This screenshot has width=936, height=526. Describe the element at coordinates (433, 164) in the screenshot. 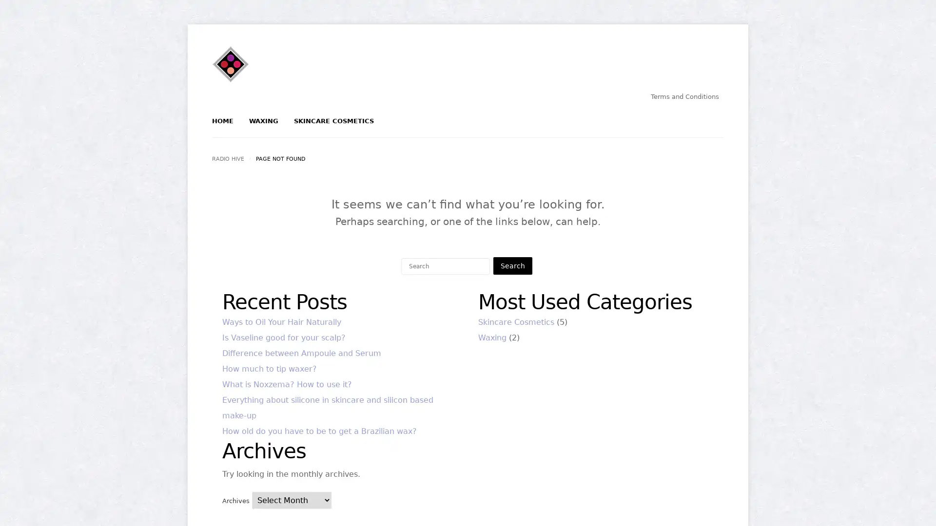

I see `Log In` at that location.